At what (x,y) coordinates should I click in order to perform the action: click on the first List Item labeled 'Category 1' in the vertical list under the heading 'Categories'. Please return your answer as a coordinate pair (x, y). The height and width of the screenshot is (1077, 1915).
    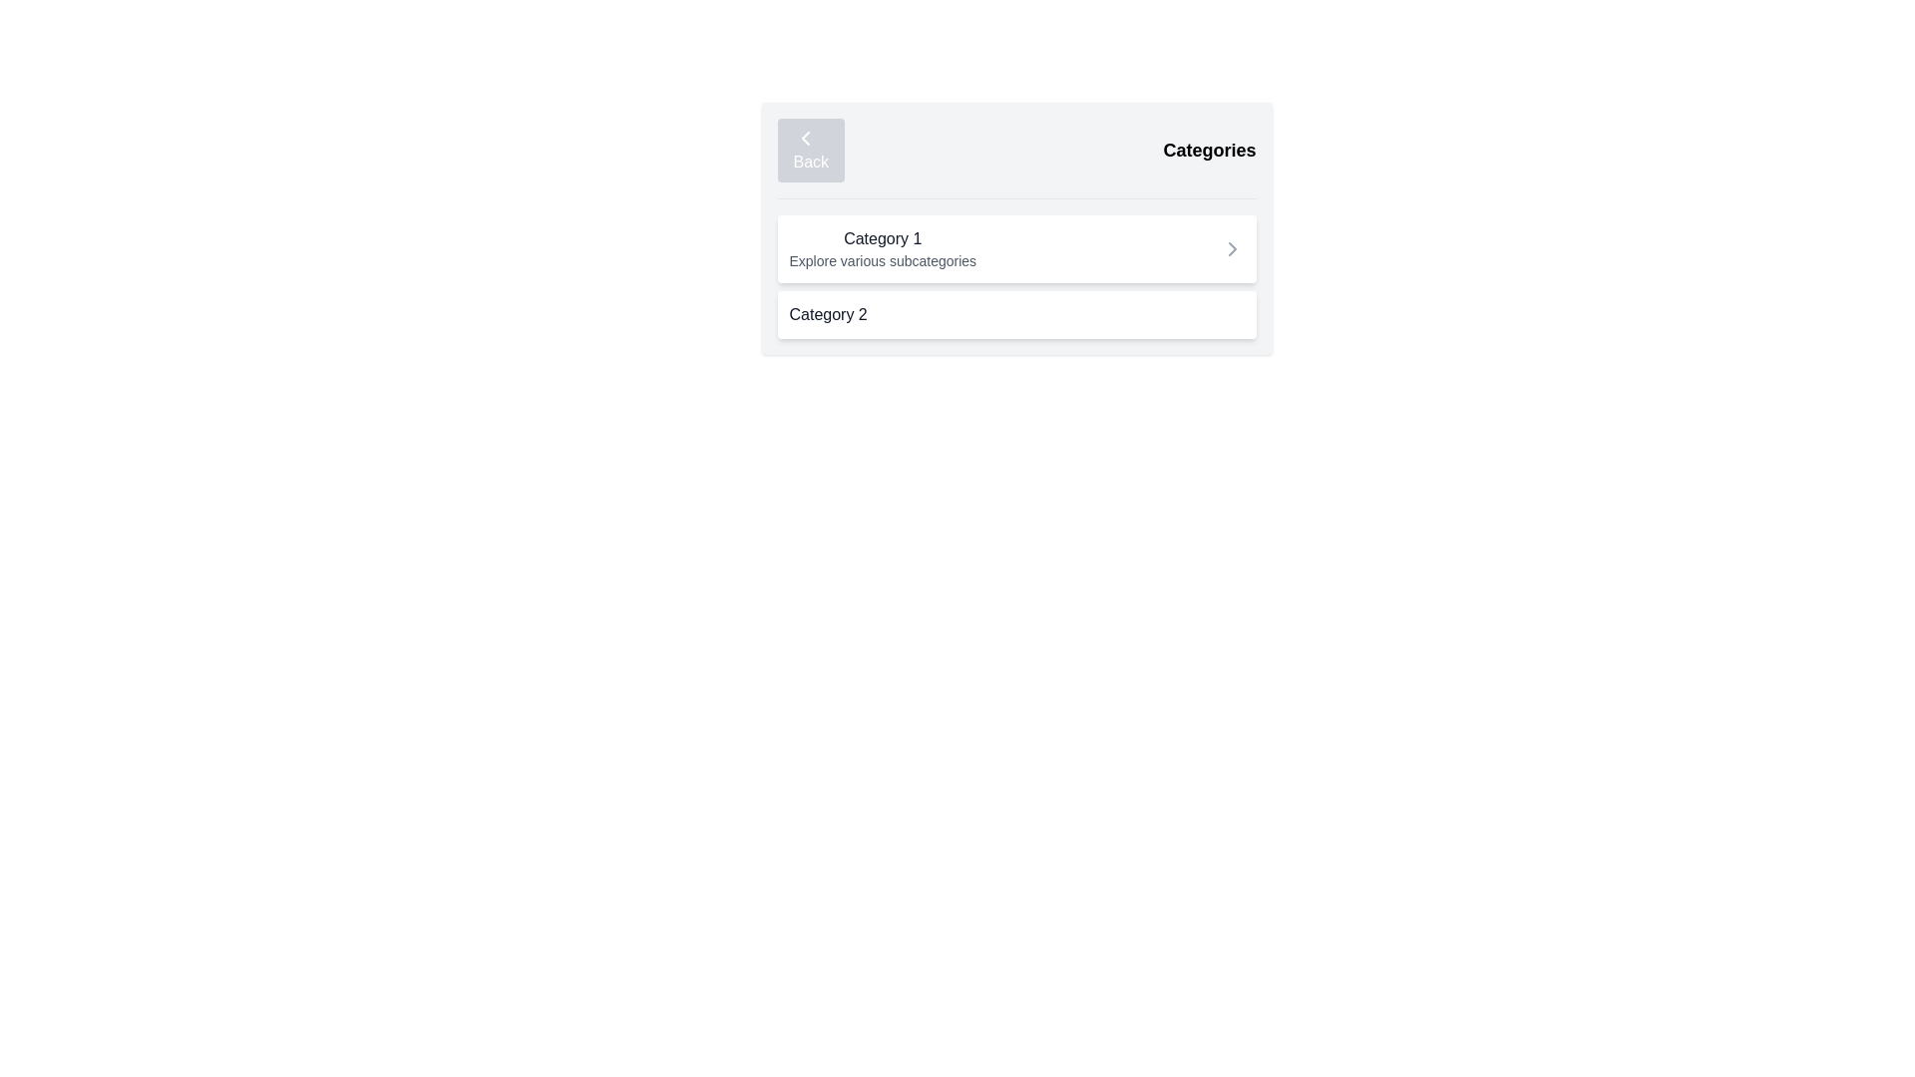
    Looking at the image, I should click on (1016, 276).